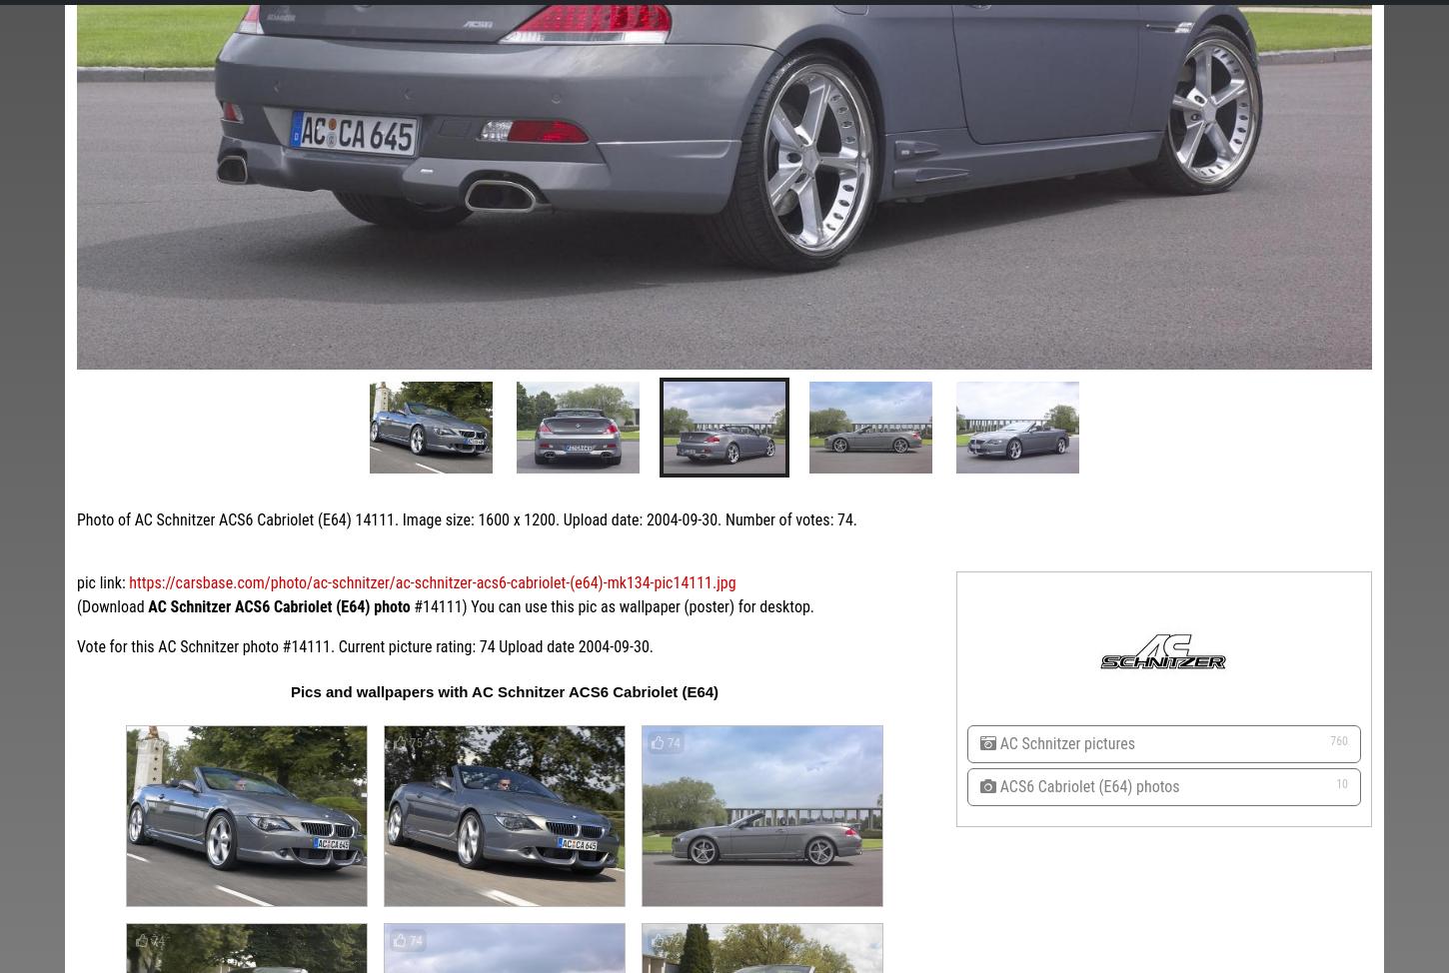  What do you see at coordinates (410, 456) in the screenshot?
I see `'AC Schnitzer BMW X3'` at bounding box center [410, 456].